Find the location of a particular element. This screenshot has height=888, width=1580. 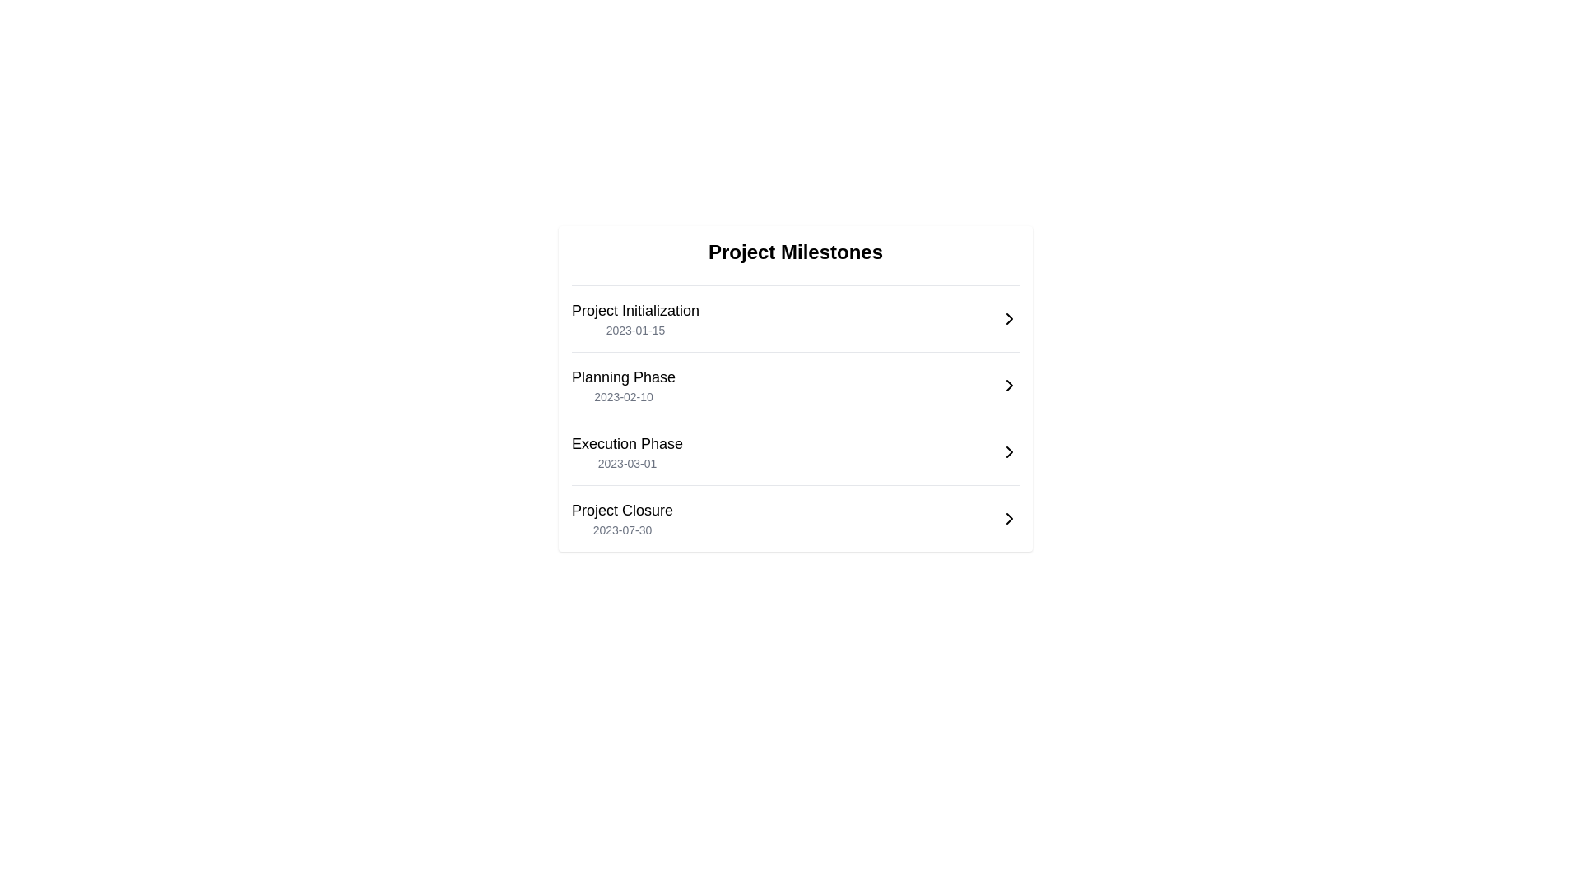

the second list item titled 'Planning Phase' with the date '2023-02-10' is located at coordinates (795, 386).